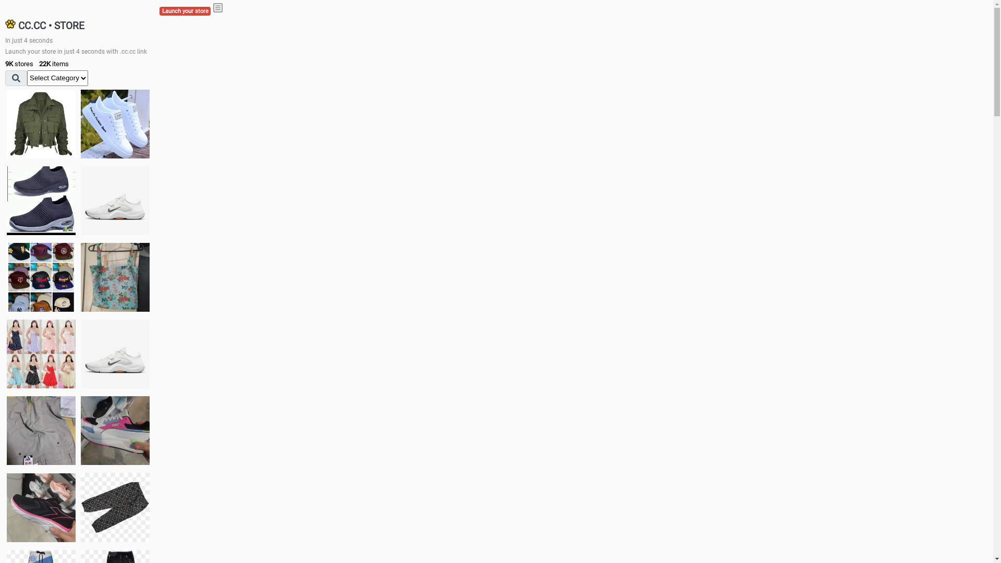 This screenshot has height=563, width=1001. What do you see at coordinates (41, 353) in the screenshot?
I see `'Dress/square nect top'` at bounding box center [41, 353].